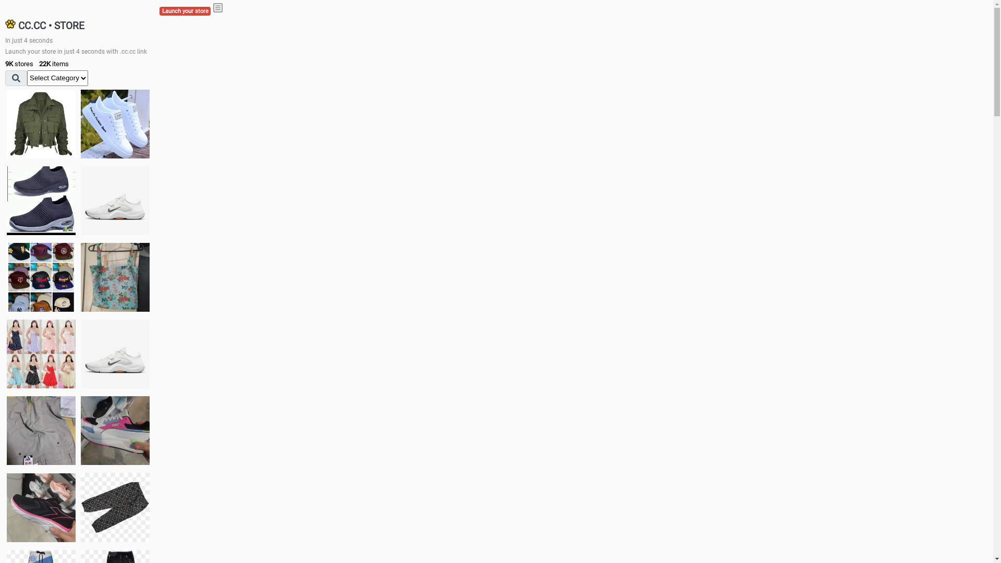 This screenshot has height=563, width=1001. What do you see at coordinates (41, 353) in the screenshot?
I see `'Dress/square nect top'` at bounding box center [41, 353].